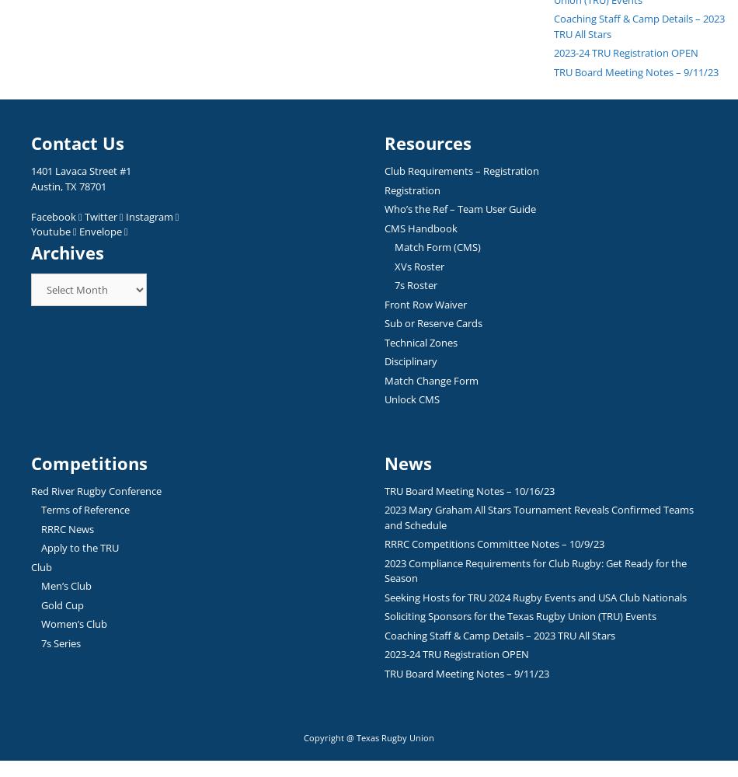  I want to click on '2023 Mary Graham All Stars Tournament Reveals Confirmed Teams and Schedule', so click(538, 517).